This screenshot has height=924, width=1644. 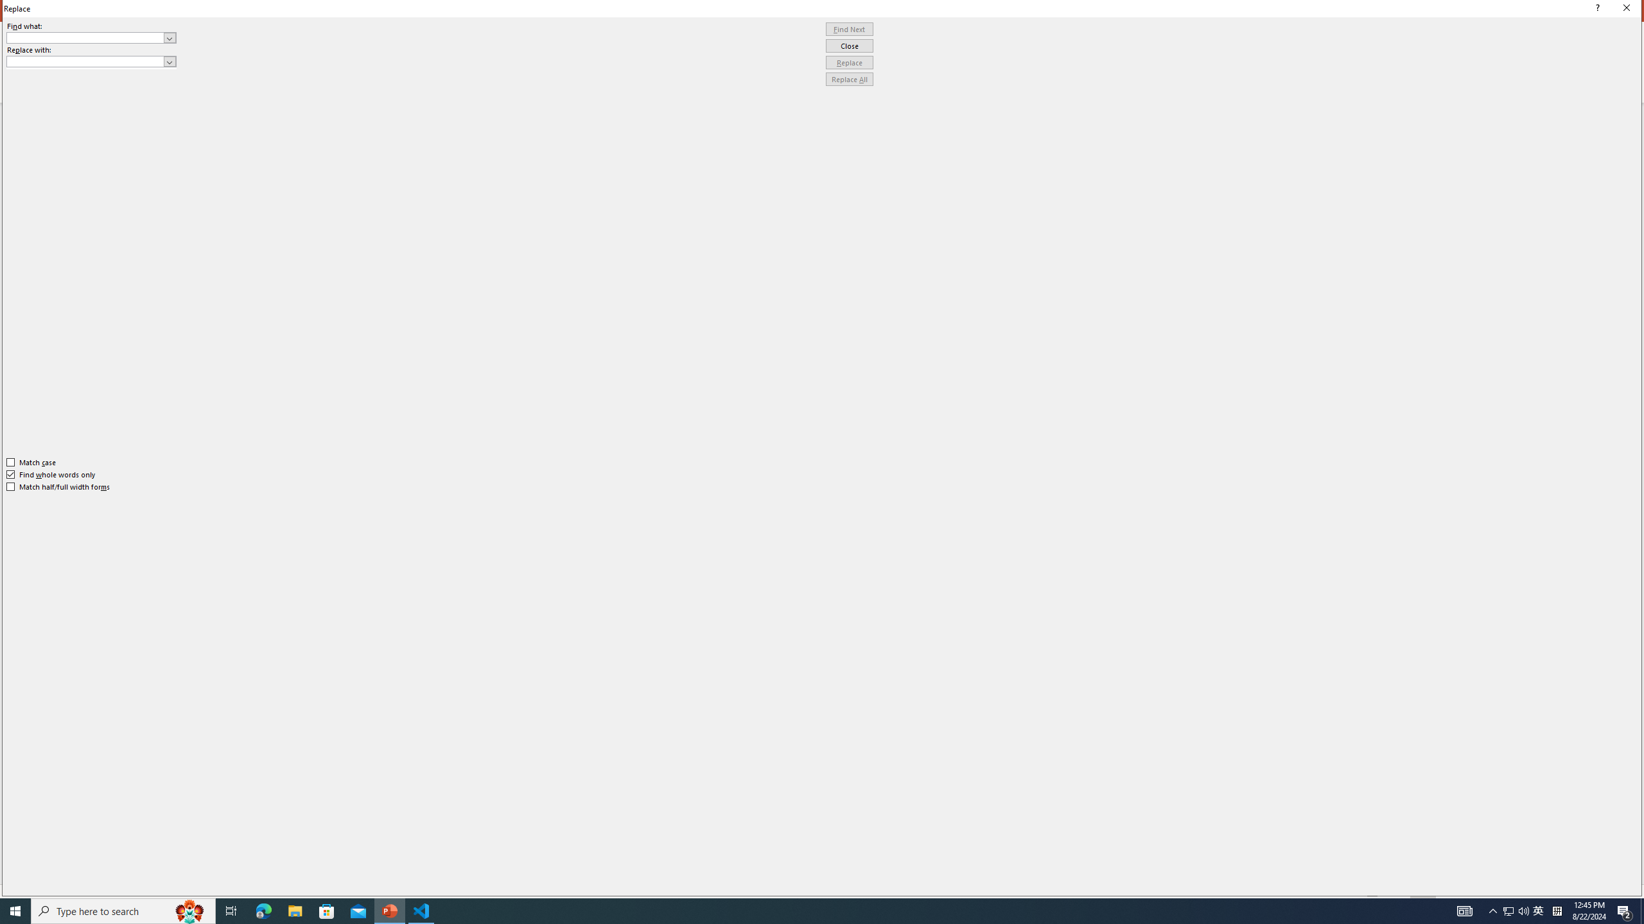 What do you see at coordinates (91, 61) in the screenshot?
I see `'Replace with'` at bounding box center [91, 61].